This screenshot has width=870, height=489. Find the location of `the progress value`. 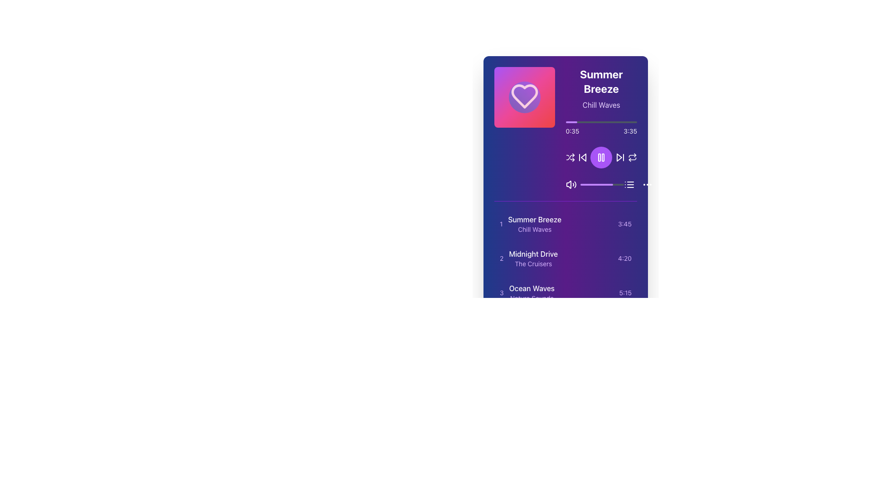

the progress value is located at coordinates (590, 184).